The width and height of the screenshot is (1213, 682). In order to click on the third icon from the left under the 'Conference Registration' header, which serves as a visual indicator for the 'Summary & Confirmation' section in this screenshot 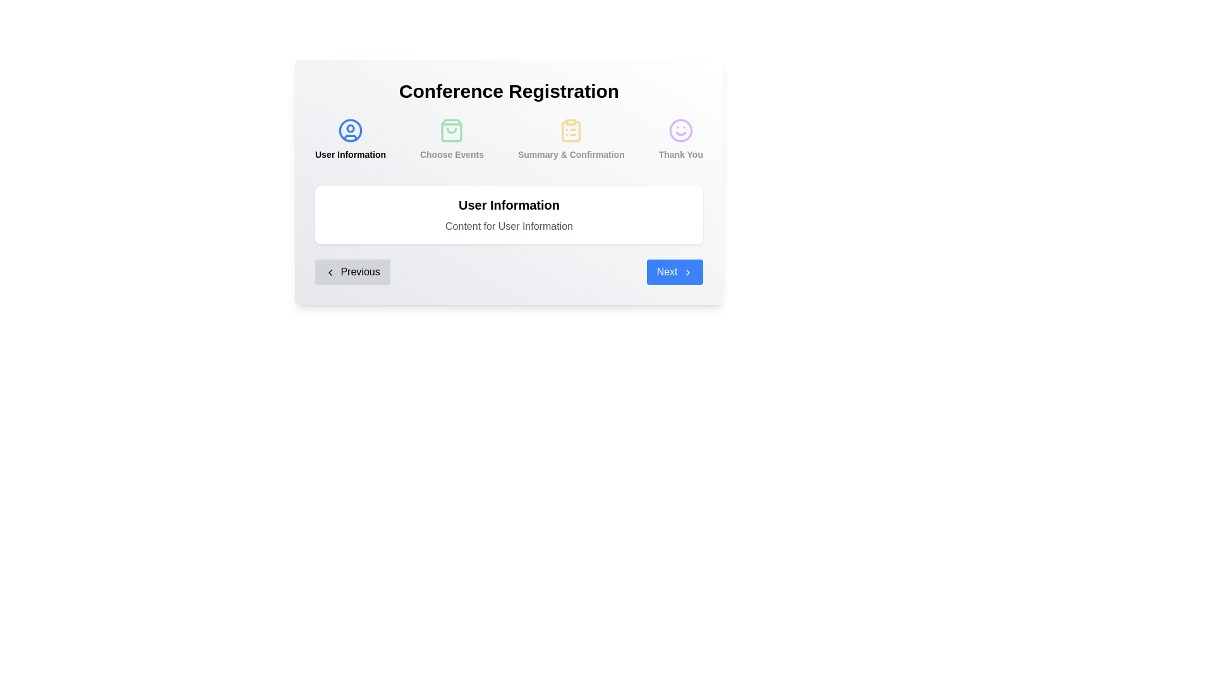, I will do `click(570, 131)`.